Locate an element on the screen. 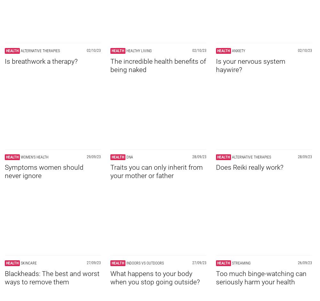  'Symptoms women should never ignore' is located at coordinates (44, 171).